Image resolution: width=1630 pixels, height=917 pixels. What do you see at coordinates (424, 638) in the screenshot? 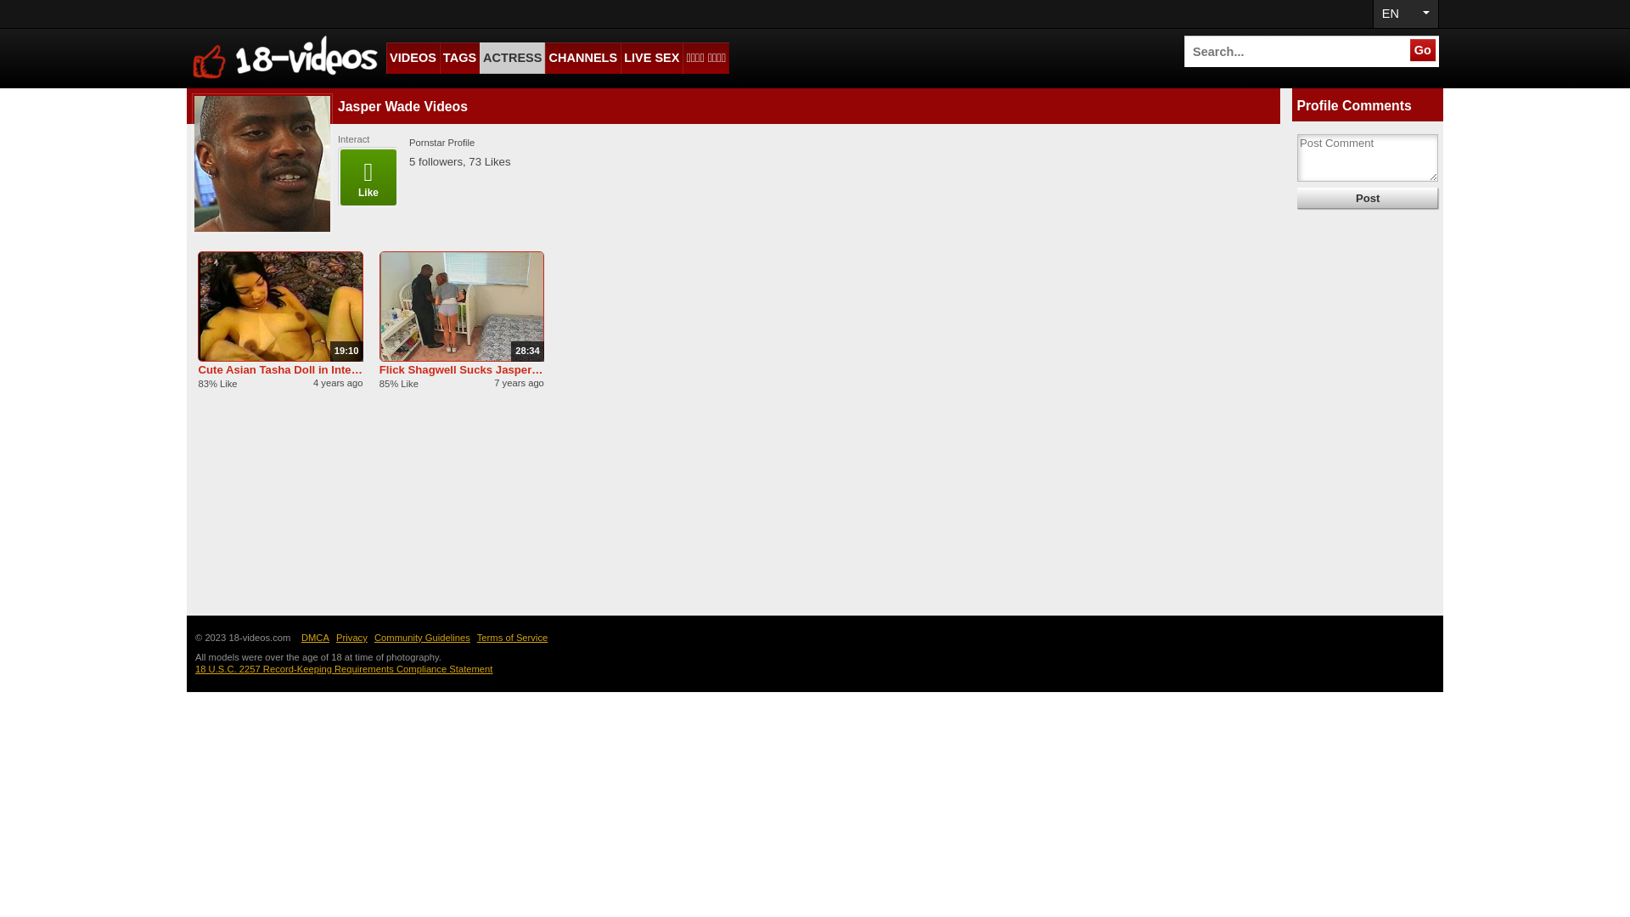
I see `'Community Guidelines'` at bounding box center [424, 638].